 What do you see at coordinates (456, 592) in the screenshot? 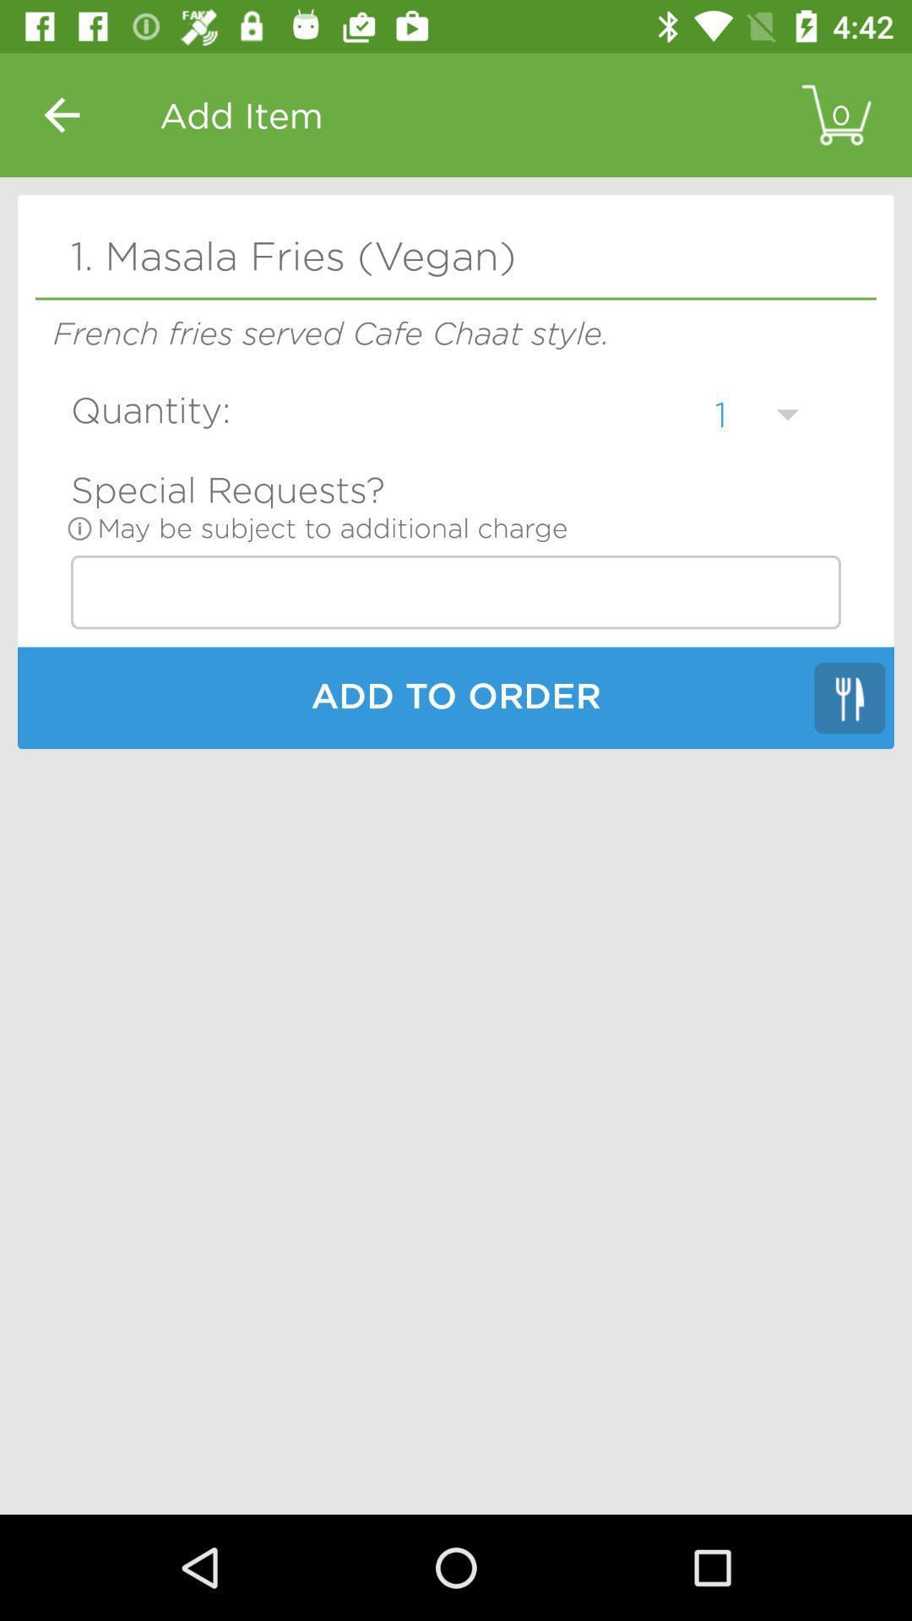
I see `icon above add to order icon` at bounding box center [456, 592].